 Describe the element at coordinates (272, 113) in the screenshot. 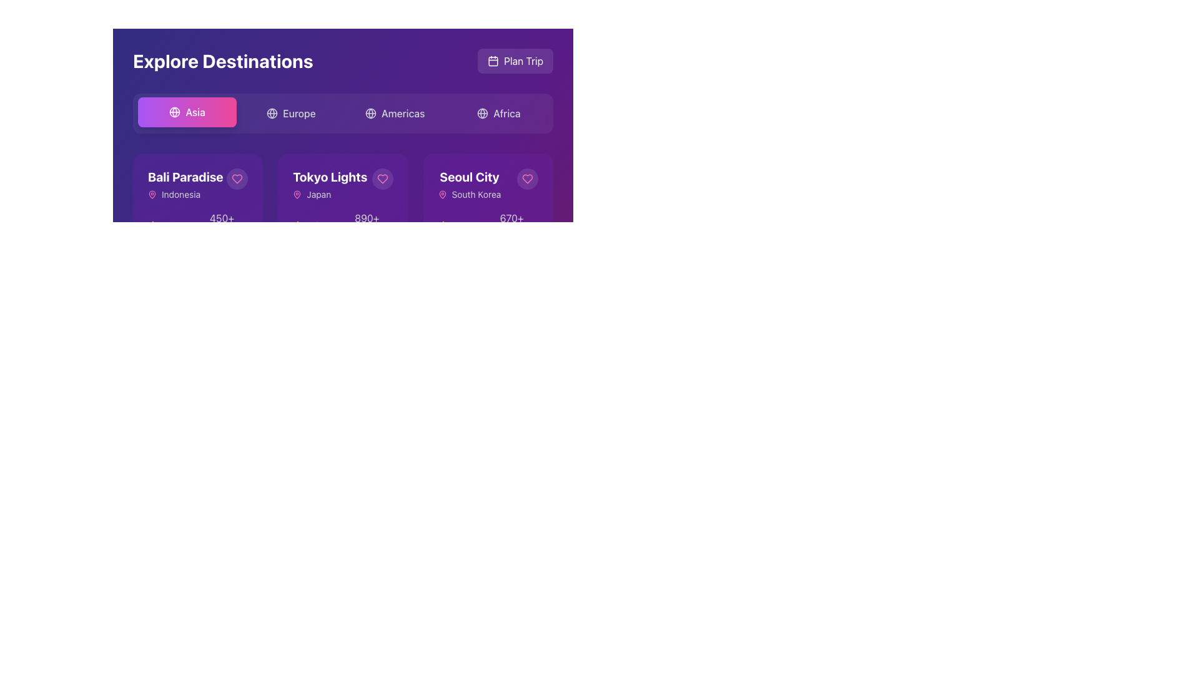

I see `the 'Europe' button icon, which visually represents geographical navigation, located second from the left in the upper section of the interface` at that location.